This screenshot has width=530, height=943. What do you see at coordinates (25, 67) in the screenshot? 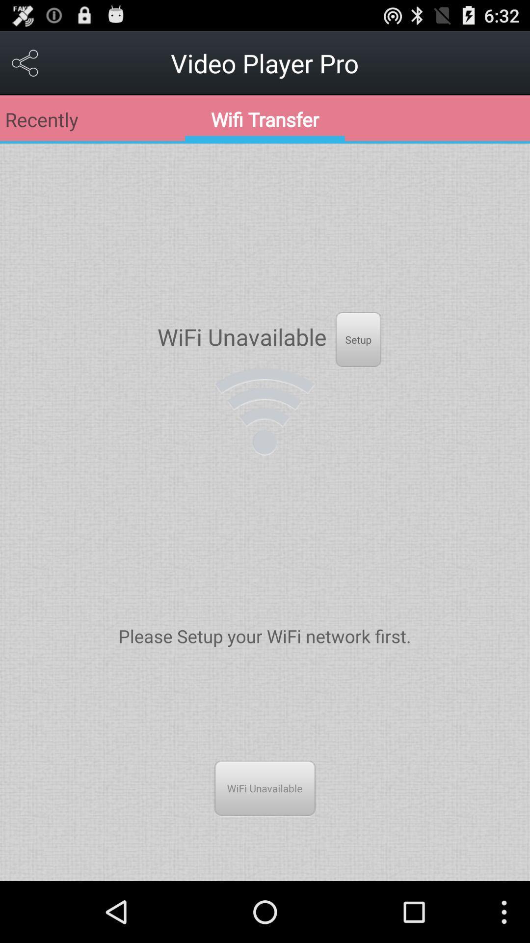
I see `the share icon` at bounding box center [25, 67].